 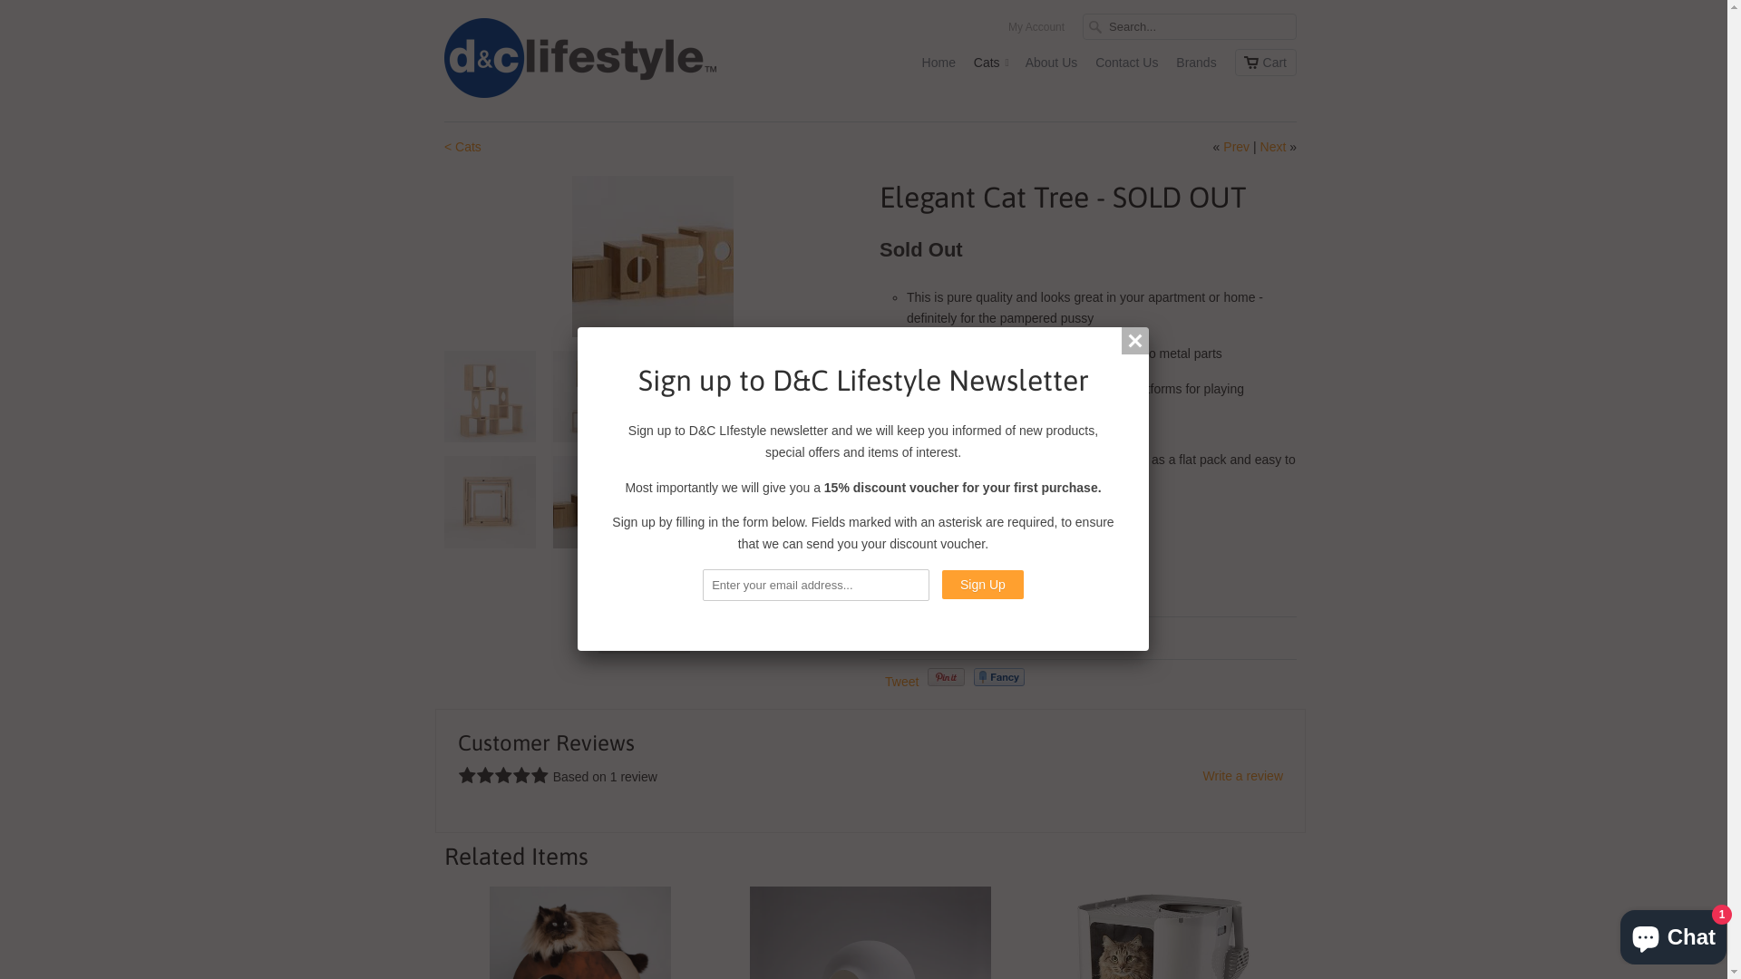 I want to click on '< Cats', so click(x=443, y=146).